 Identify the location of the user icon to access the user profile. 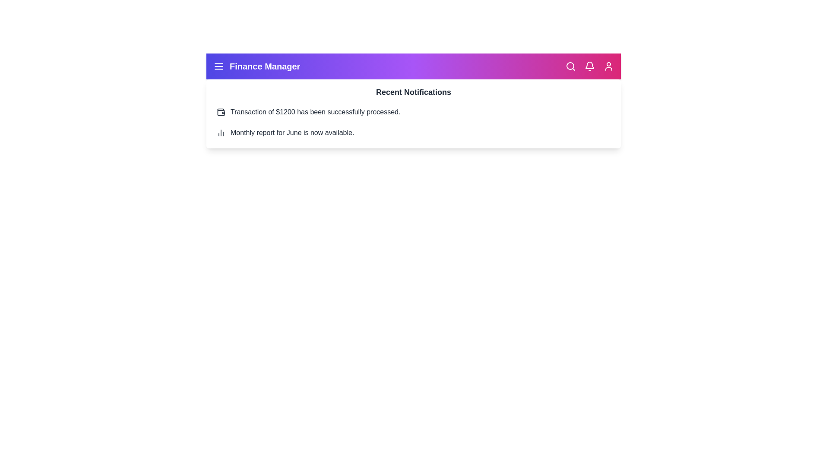
(608, 66).